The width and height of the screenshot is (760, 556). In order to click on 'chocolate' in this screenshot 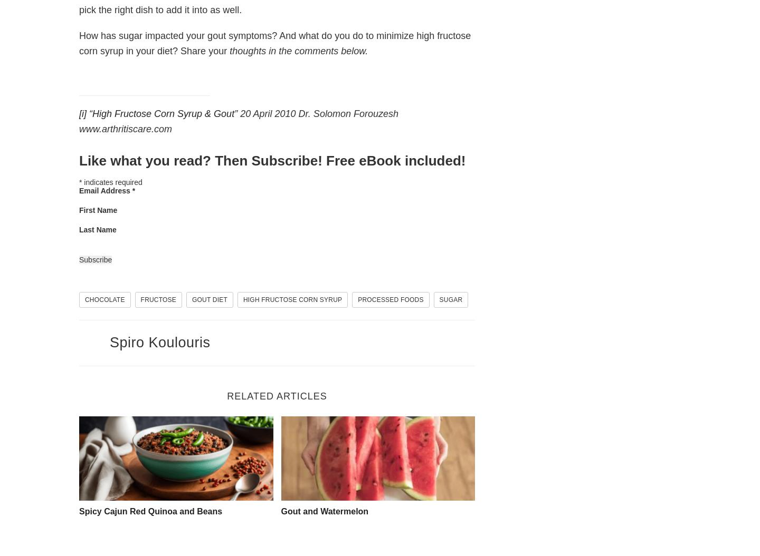, I will do `click(84, 299)`.